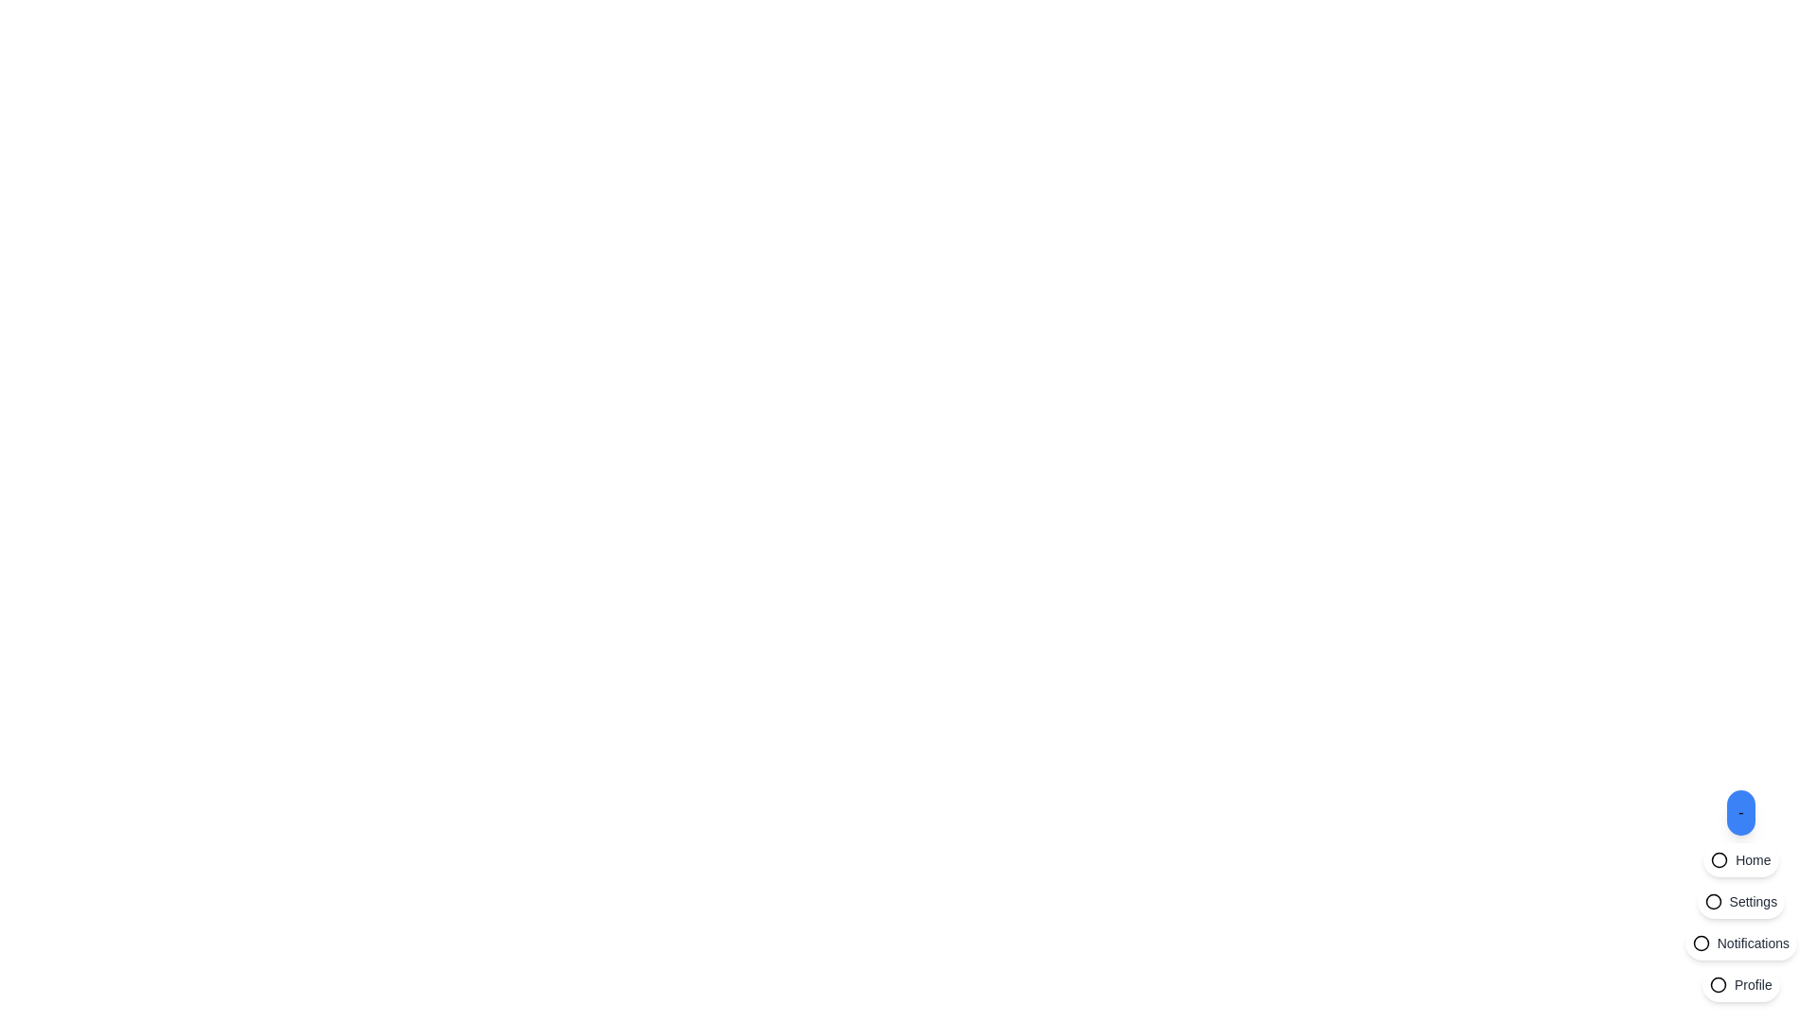 The width and height of the screenshot is (1816, 1021). What do you see at coordinates (1740, 900) in the screenshot?
I see `the 'Settings' navigation button located at the bottom-right corner of the interface` at bounding box center [1740, 900].